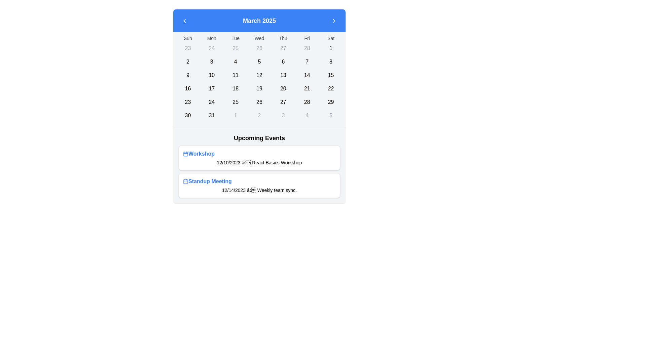 This screenshot has width=646, height=363. I want to click on the button displaying the number '21' located in the grid section of the calendar under the 'Fri' column, so click(307, 88).